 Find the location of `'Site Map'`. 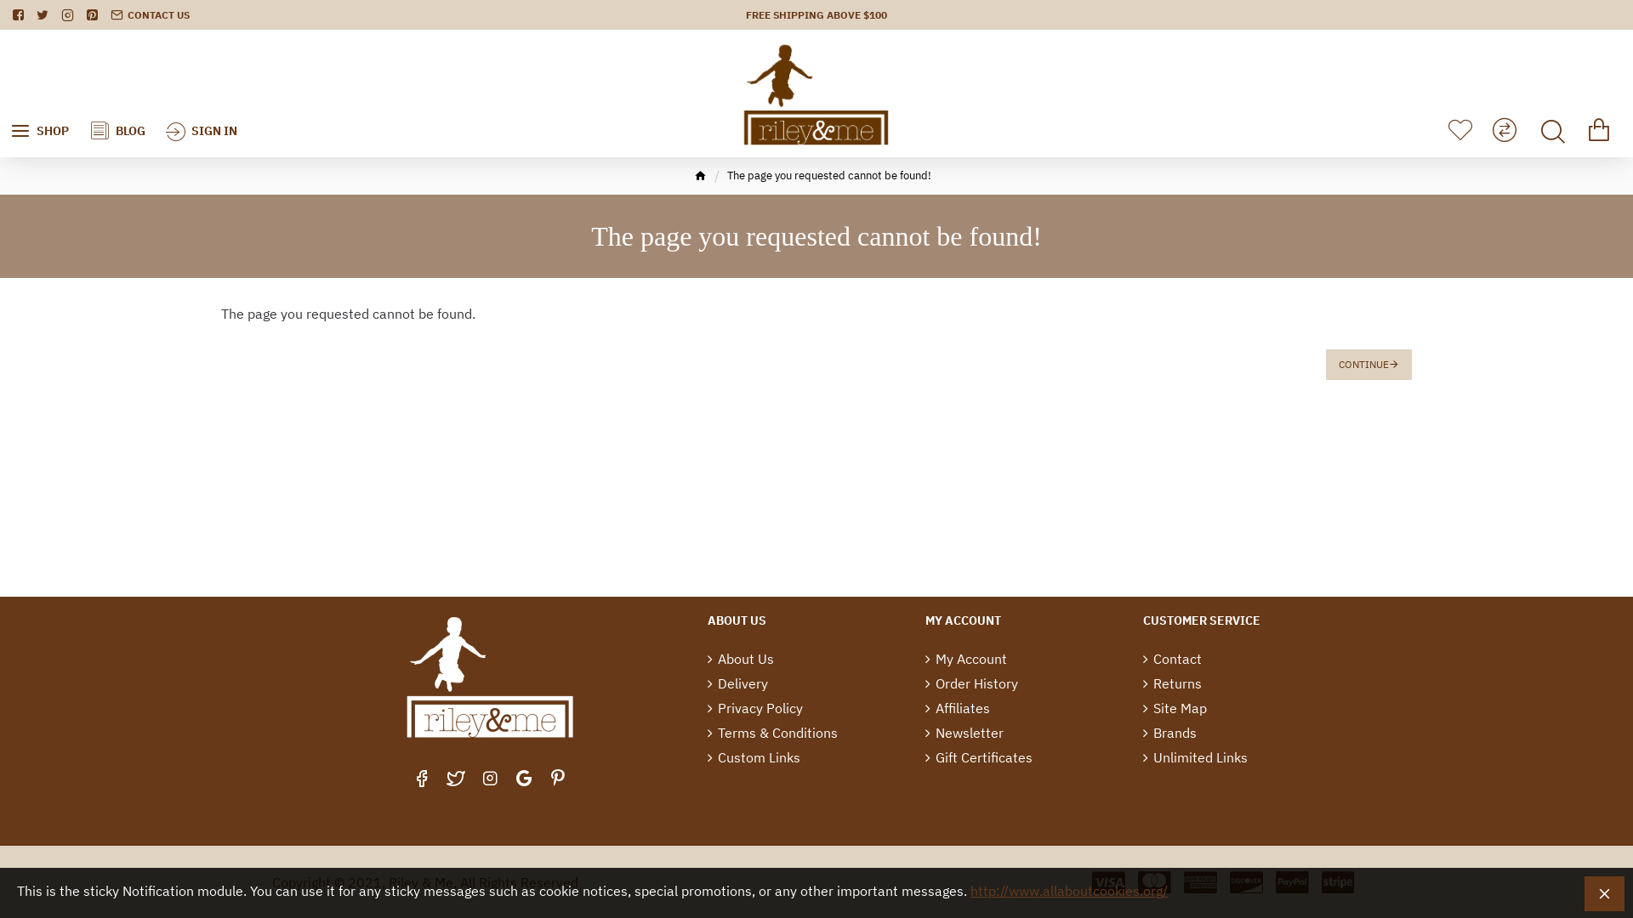

'Site Map' is located at coordinates (1174, 710).